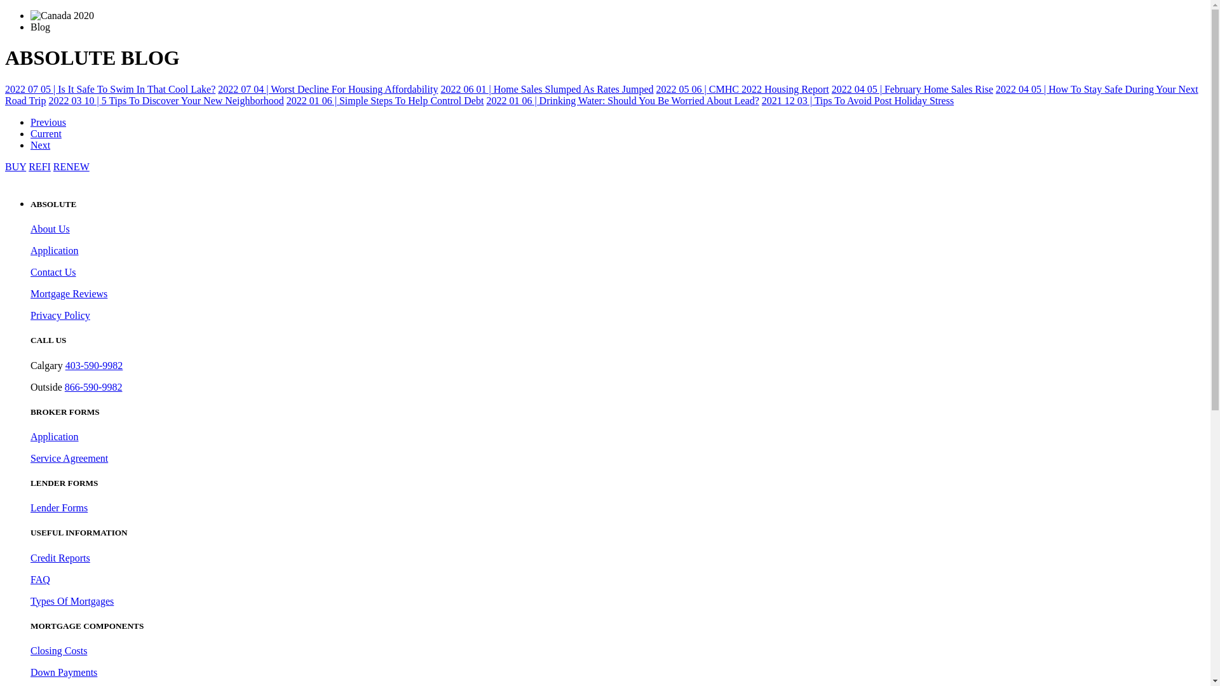 This screenshot has height=686, width=1220. What do you see at coordinates (110, 88) in the screenshot?
I see `'2022 07 05 | Is It Safe To Swim In That Cool Lake?'` at bounding box center [110, 88].